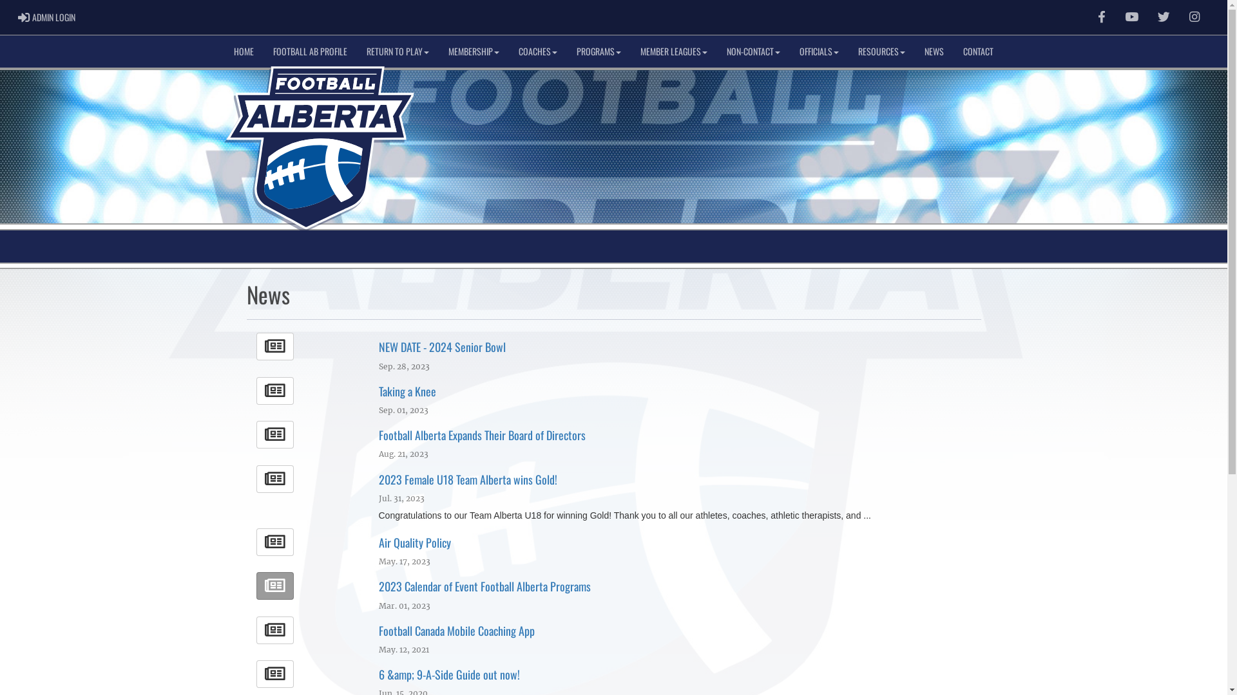  What do you see at coordinates (673, 51) in the screenshot?
I see `'MEMBER LEAGUES'` at bounding box center [673, 51].